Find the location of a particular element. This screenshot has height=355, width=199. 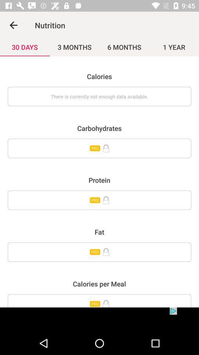

unlocks fat section is located at coordinates (99, 252).